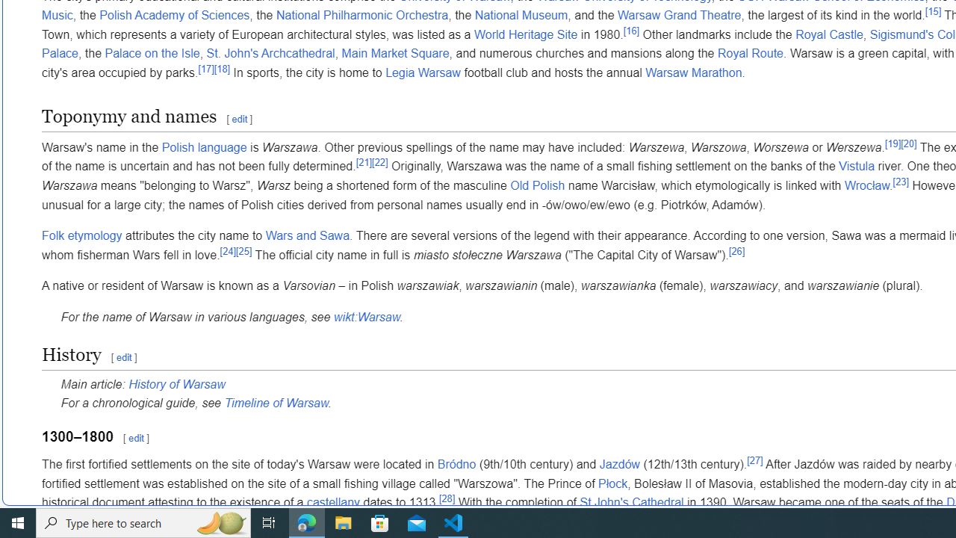  What do you see at coordinates (521, 16) in the screenshot?
I see `'National Museum'` at bounding box center [521, 16].